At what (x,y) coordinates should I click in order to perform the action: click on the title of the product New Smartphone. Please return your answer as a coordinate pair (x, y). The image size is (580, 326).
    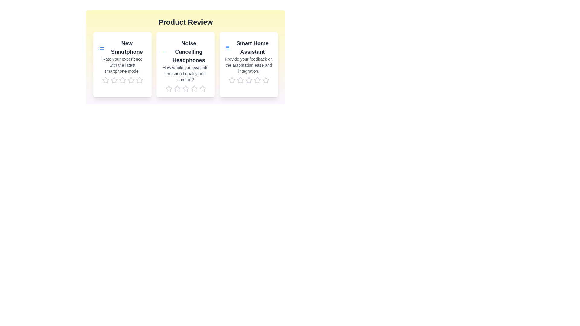
    Looking at the image, I should click on (122, 47).